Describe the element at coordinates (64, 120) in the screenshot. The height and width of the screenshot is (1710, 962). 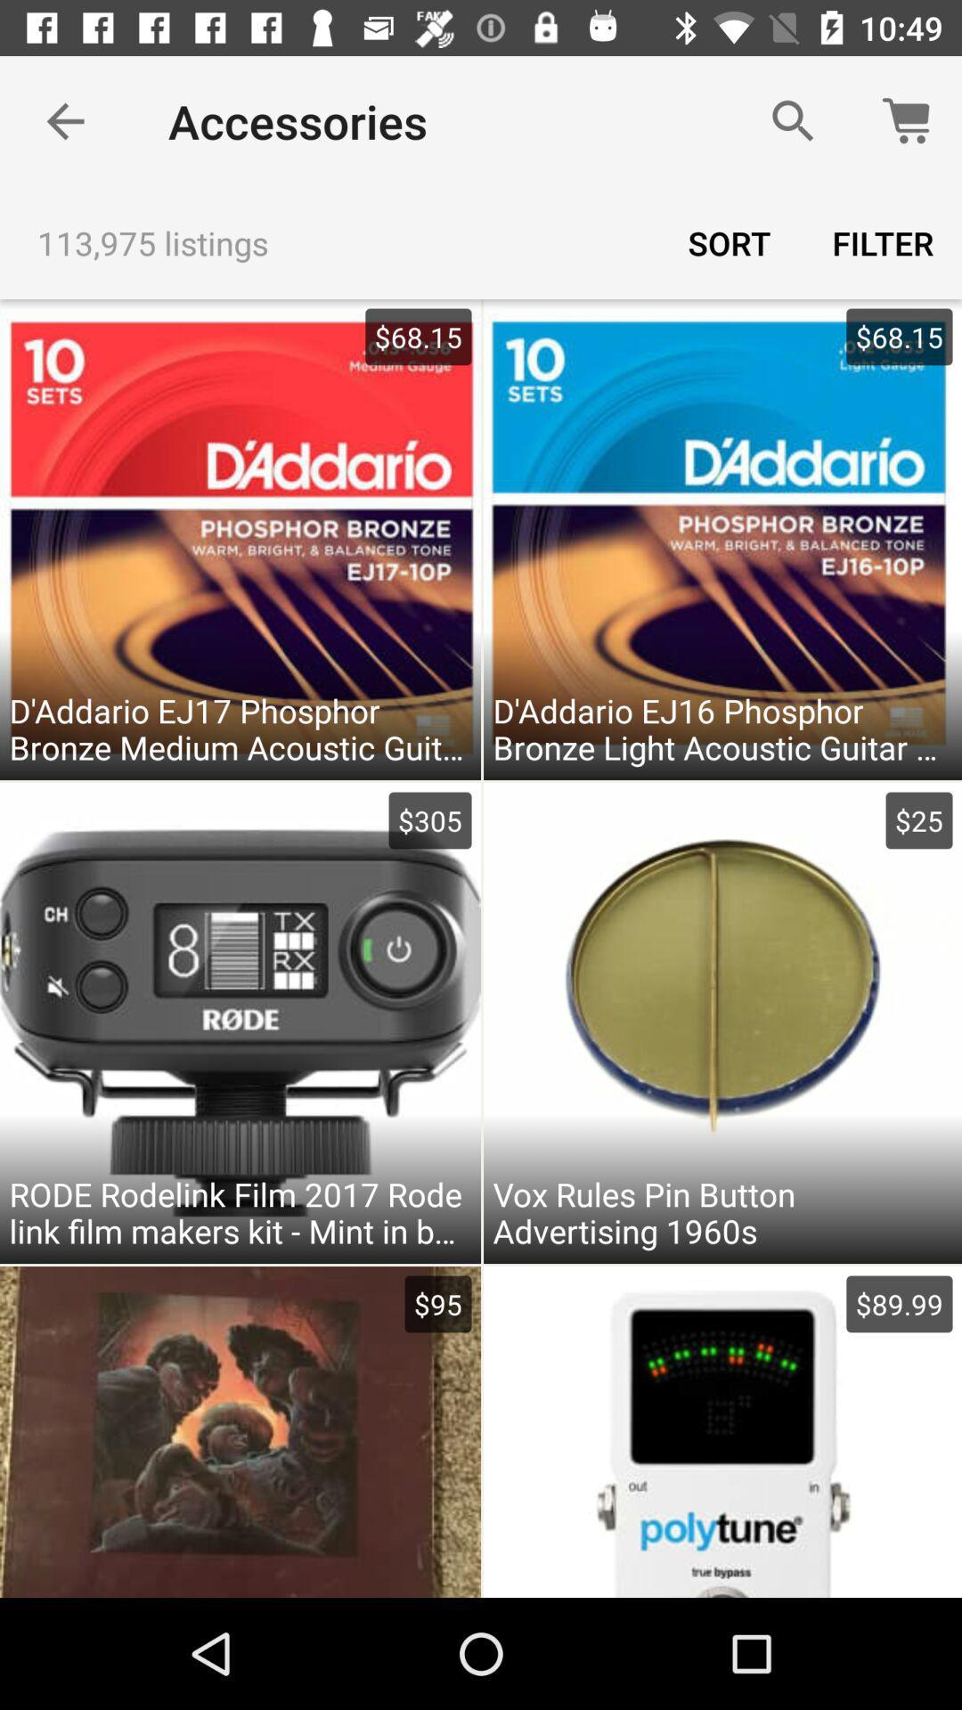
I see `item to the left of accessories` at that location.